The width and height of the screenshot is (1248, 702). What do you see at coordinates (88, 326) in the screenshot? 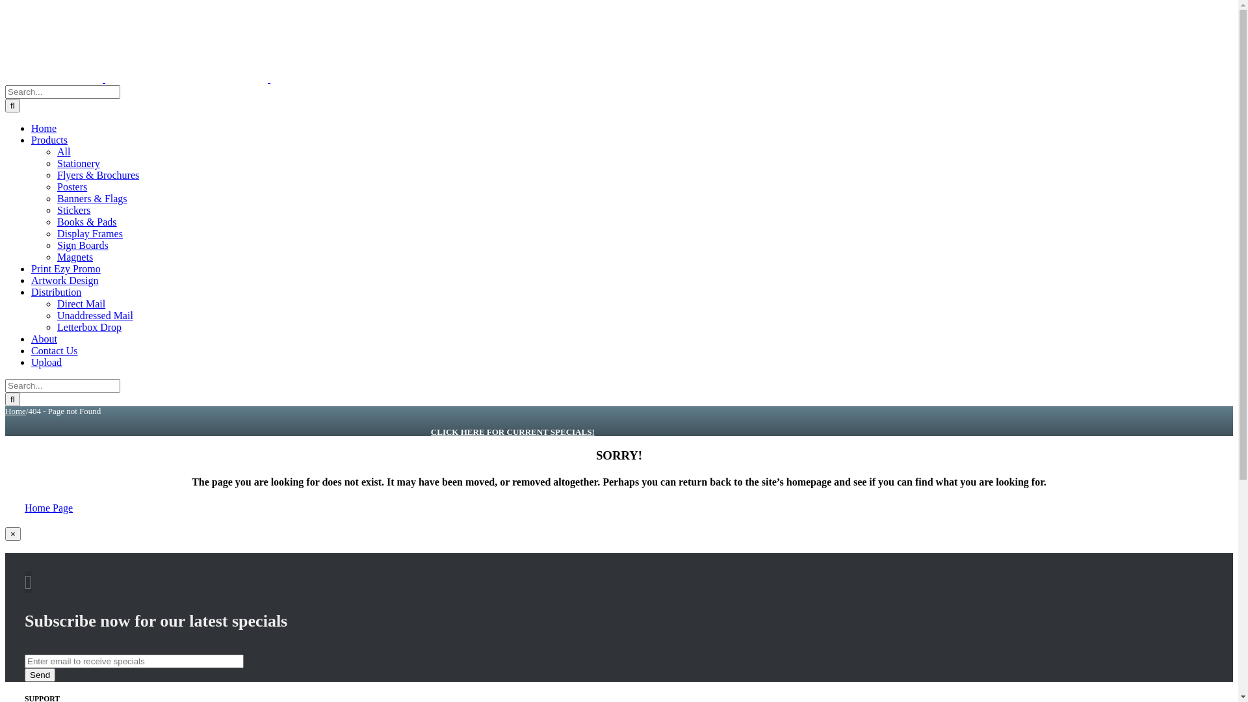
I see `'Letterbox Drop'` at bounding box center [88, 326].